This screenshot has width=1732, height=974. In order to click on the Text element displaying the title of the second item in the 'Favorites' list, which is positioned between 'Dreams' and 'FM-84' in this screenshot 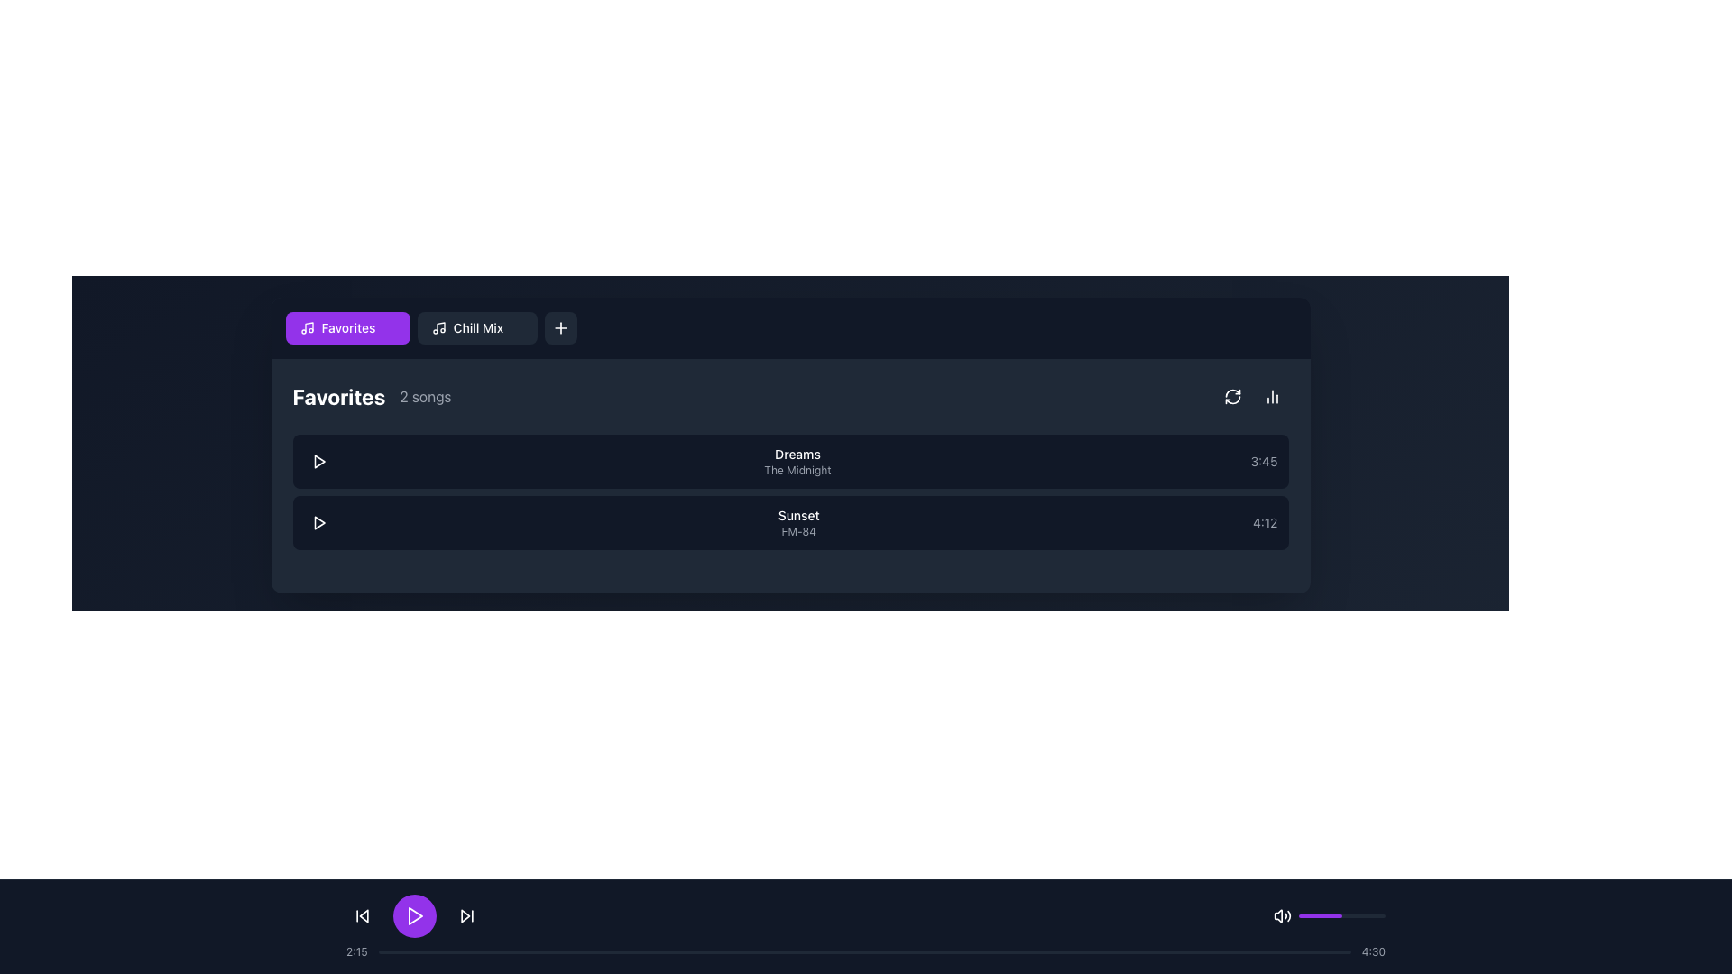, I will do `click(797, 515)`.